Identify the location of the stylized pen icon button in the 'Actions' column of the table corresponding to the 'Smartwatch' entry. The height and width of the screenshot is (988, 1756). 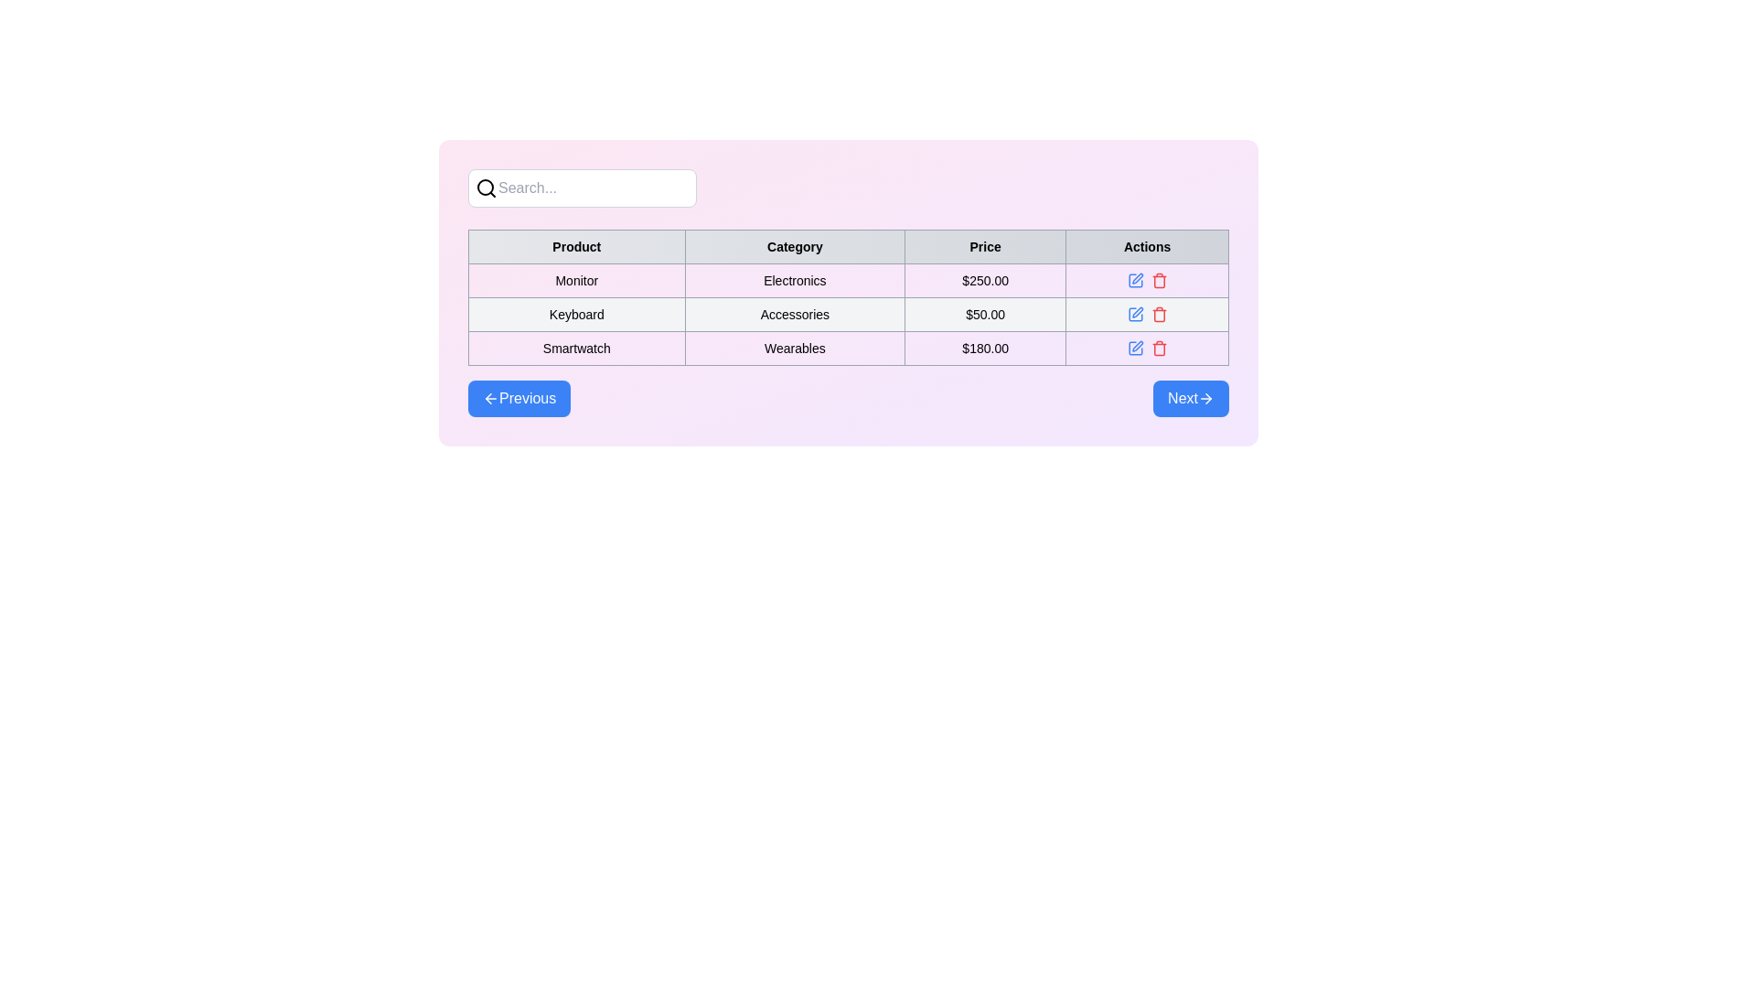
(1136, 346).